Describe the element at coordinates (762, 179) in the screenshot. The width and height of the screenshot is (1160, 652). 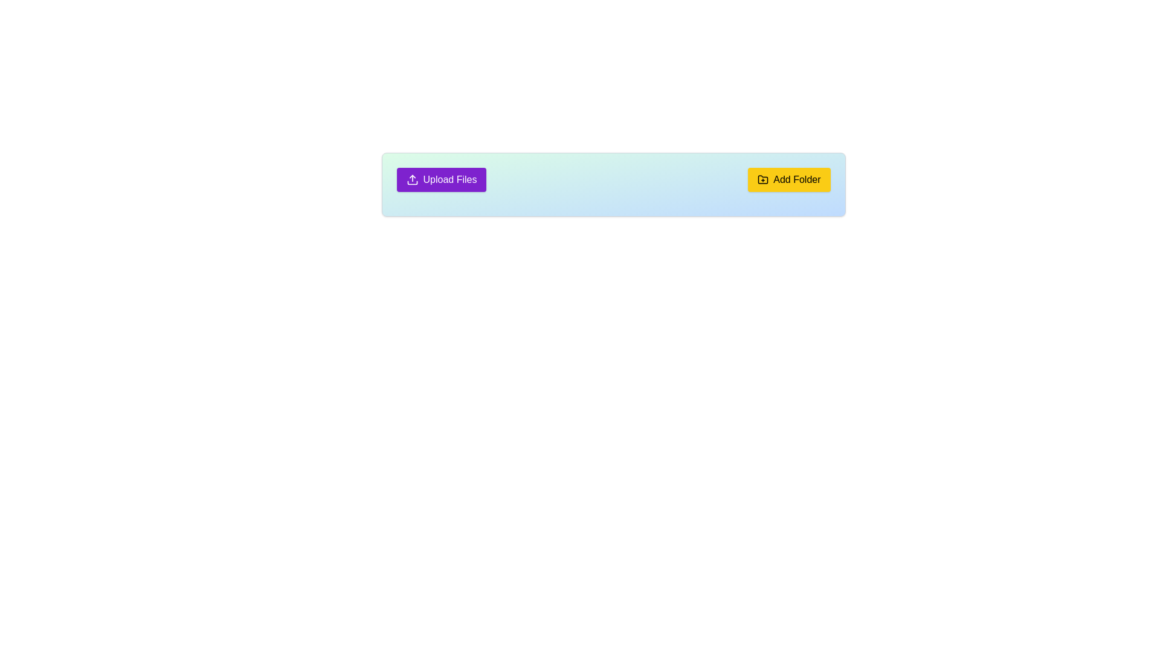
I see `the folder icon within the 'Add Folder' button` at that location.